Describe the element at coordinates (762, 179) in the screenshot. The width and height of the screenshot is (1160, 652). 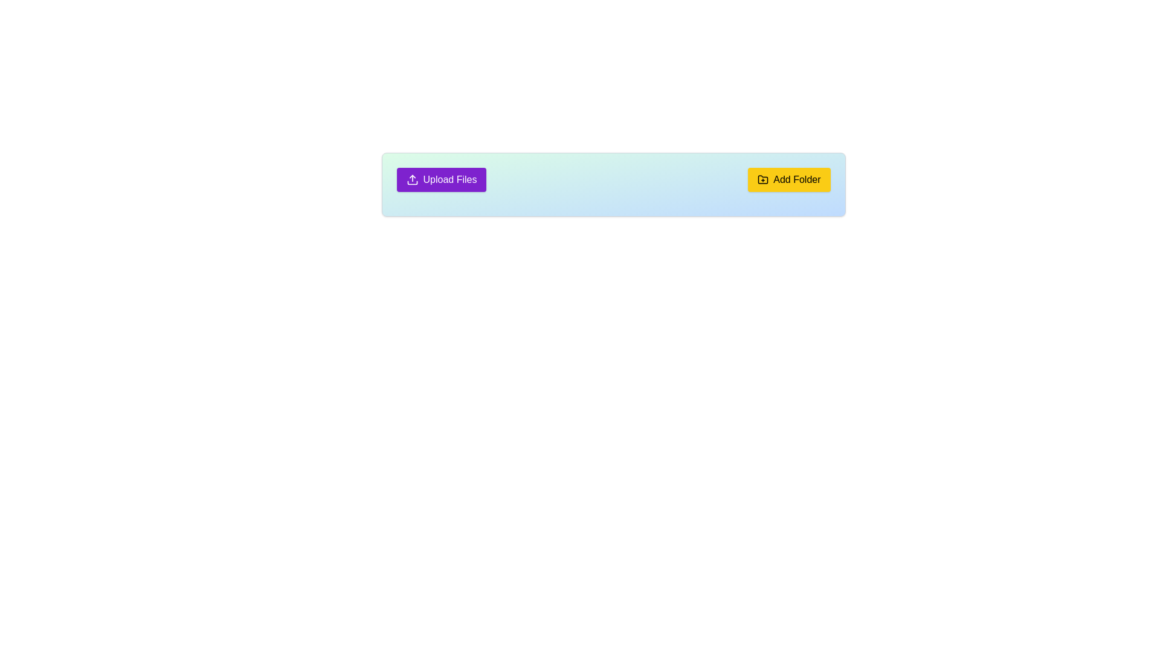
I see `the folder icon within the 'Add Folder' button` at that location.